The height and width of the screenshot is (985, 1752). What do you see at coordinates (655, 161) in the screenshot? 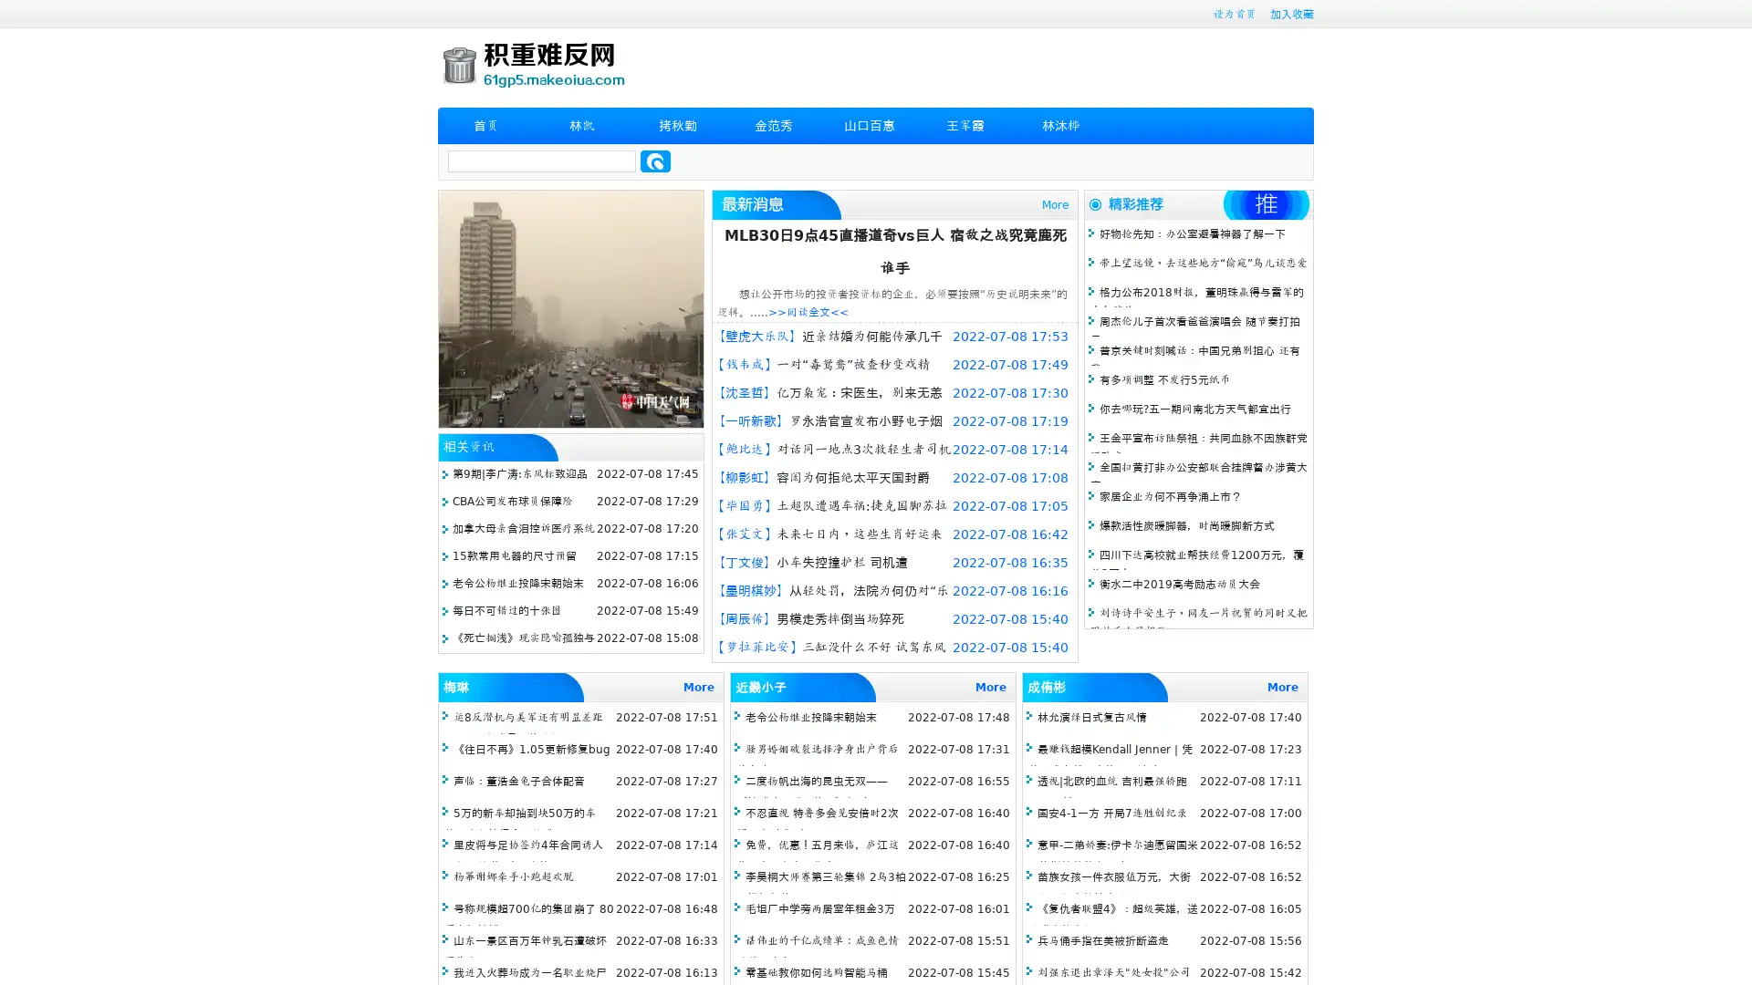
I see `Search` at bounding box center [655, 161].